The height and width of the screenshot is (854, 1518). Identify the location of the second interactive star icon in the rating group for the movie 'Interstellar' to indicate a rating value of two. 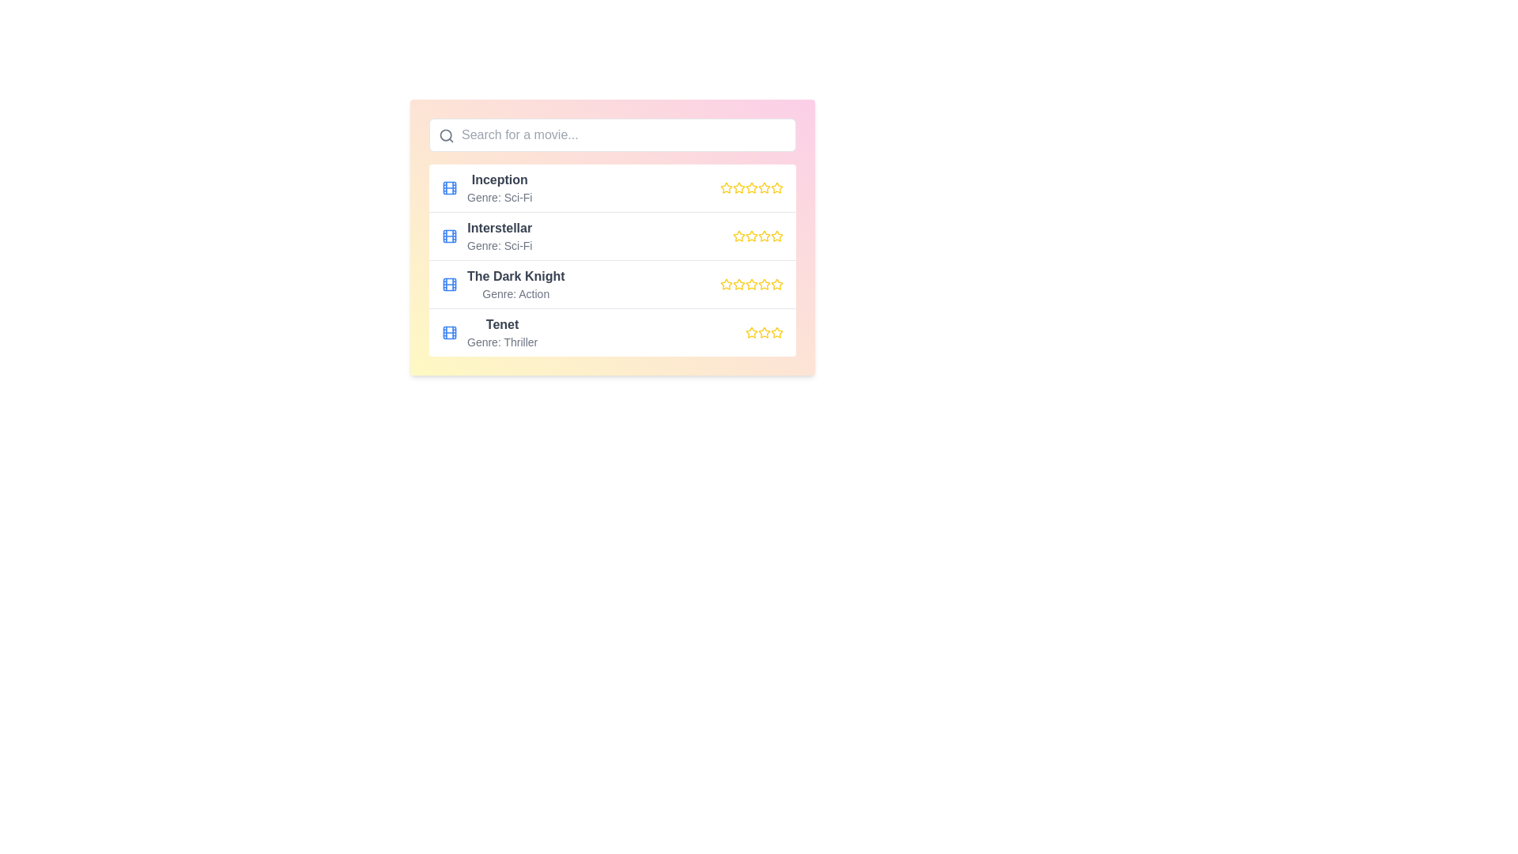
(750, 236).